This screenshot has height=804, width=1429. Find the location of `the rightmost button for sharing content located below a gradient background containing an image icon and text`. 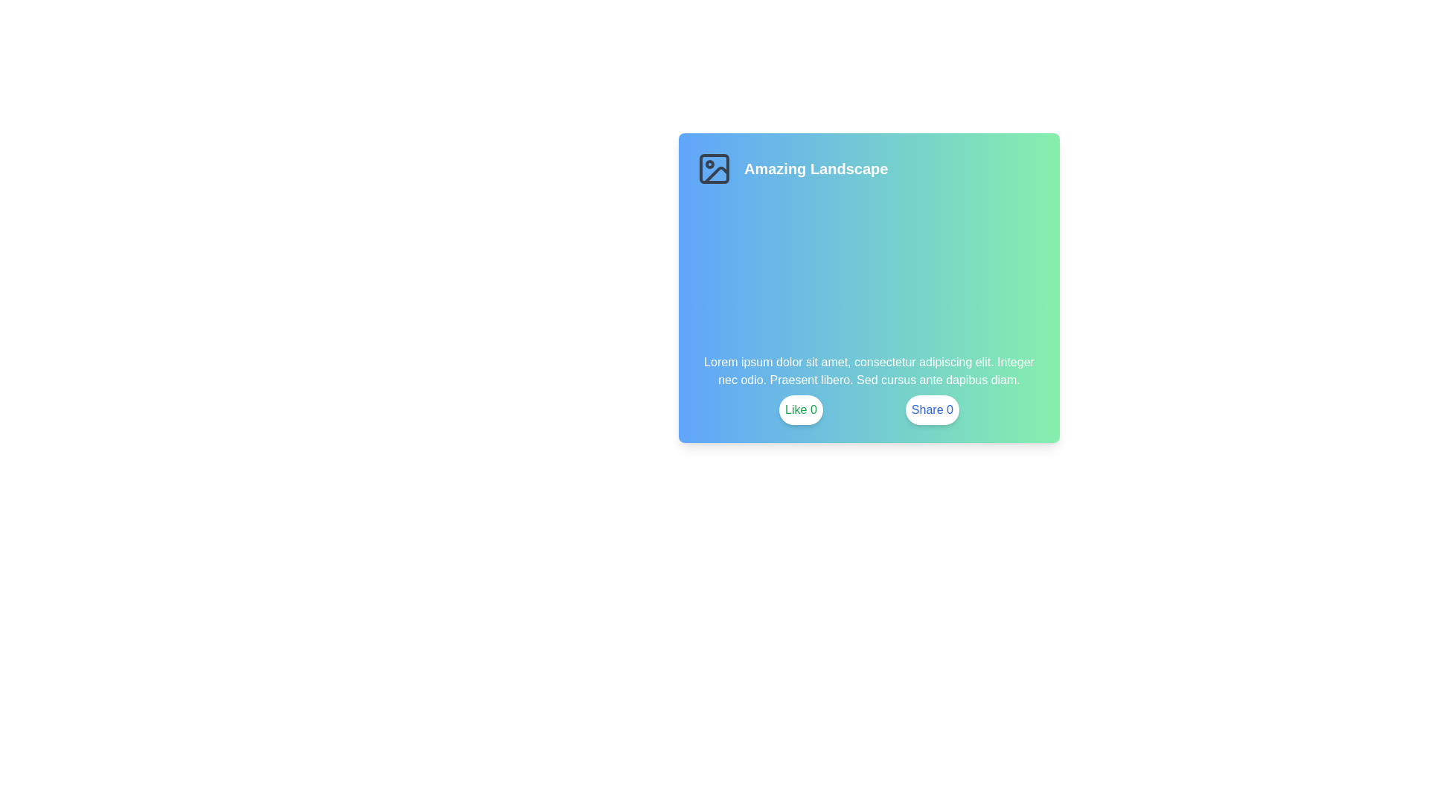

the rightmost button for sharing content located below a gradient background containing an image icon and text is located at coordinates (931, 410).